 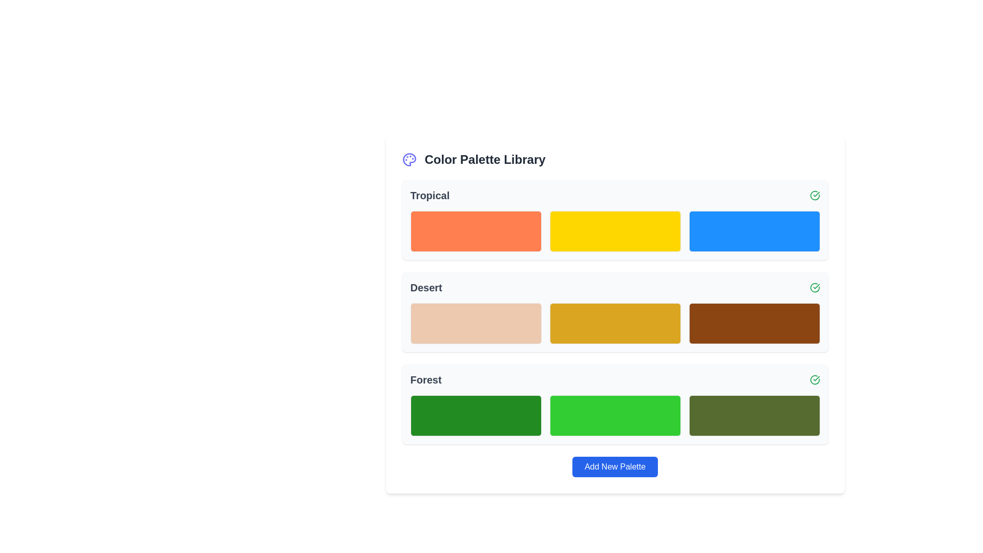 What do you see at coordinates (754, 231) in the screenshot?
I see `the third block in the Tropical color palette grid` at bounding box center [754, 231].